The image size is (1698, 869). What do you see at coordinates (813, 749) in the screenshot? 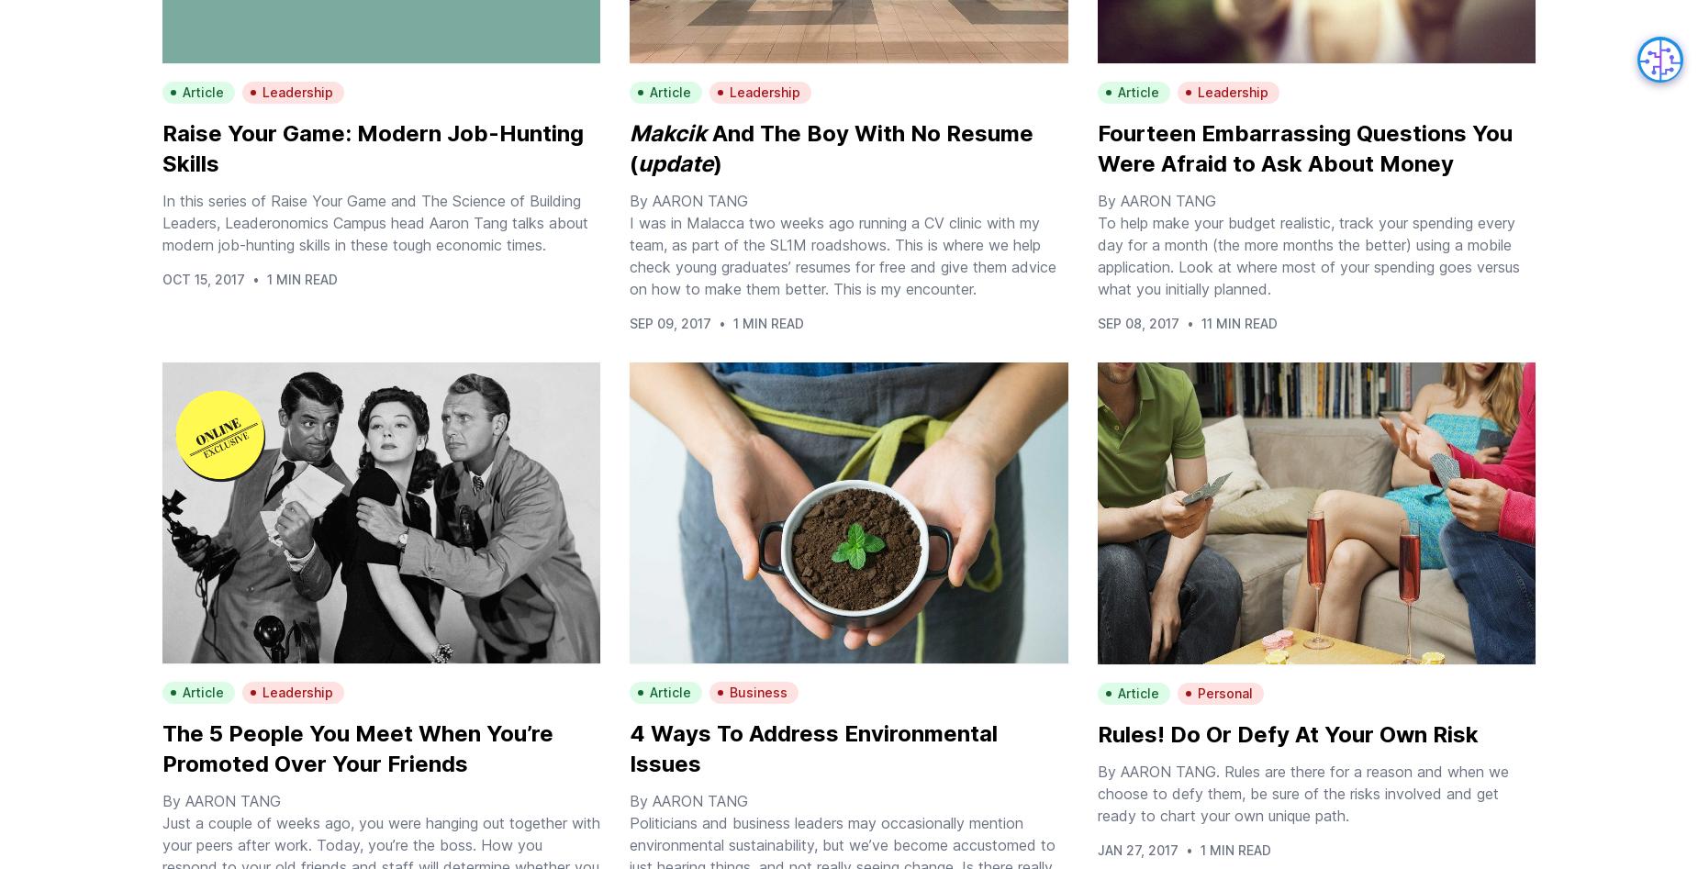
I see `'4 Ways To Address Environmental Issues'` at bounding box center [813, 749].